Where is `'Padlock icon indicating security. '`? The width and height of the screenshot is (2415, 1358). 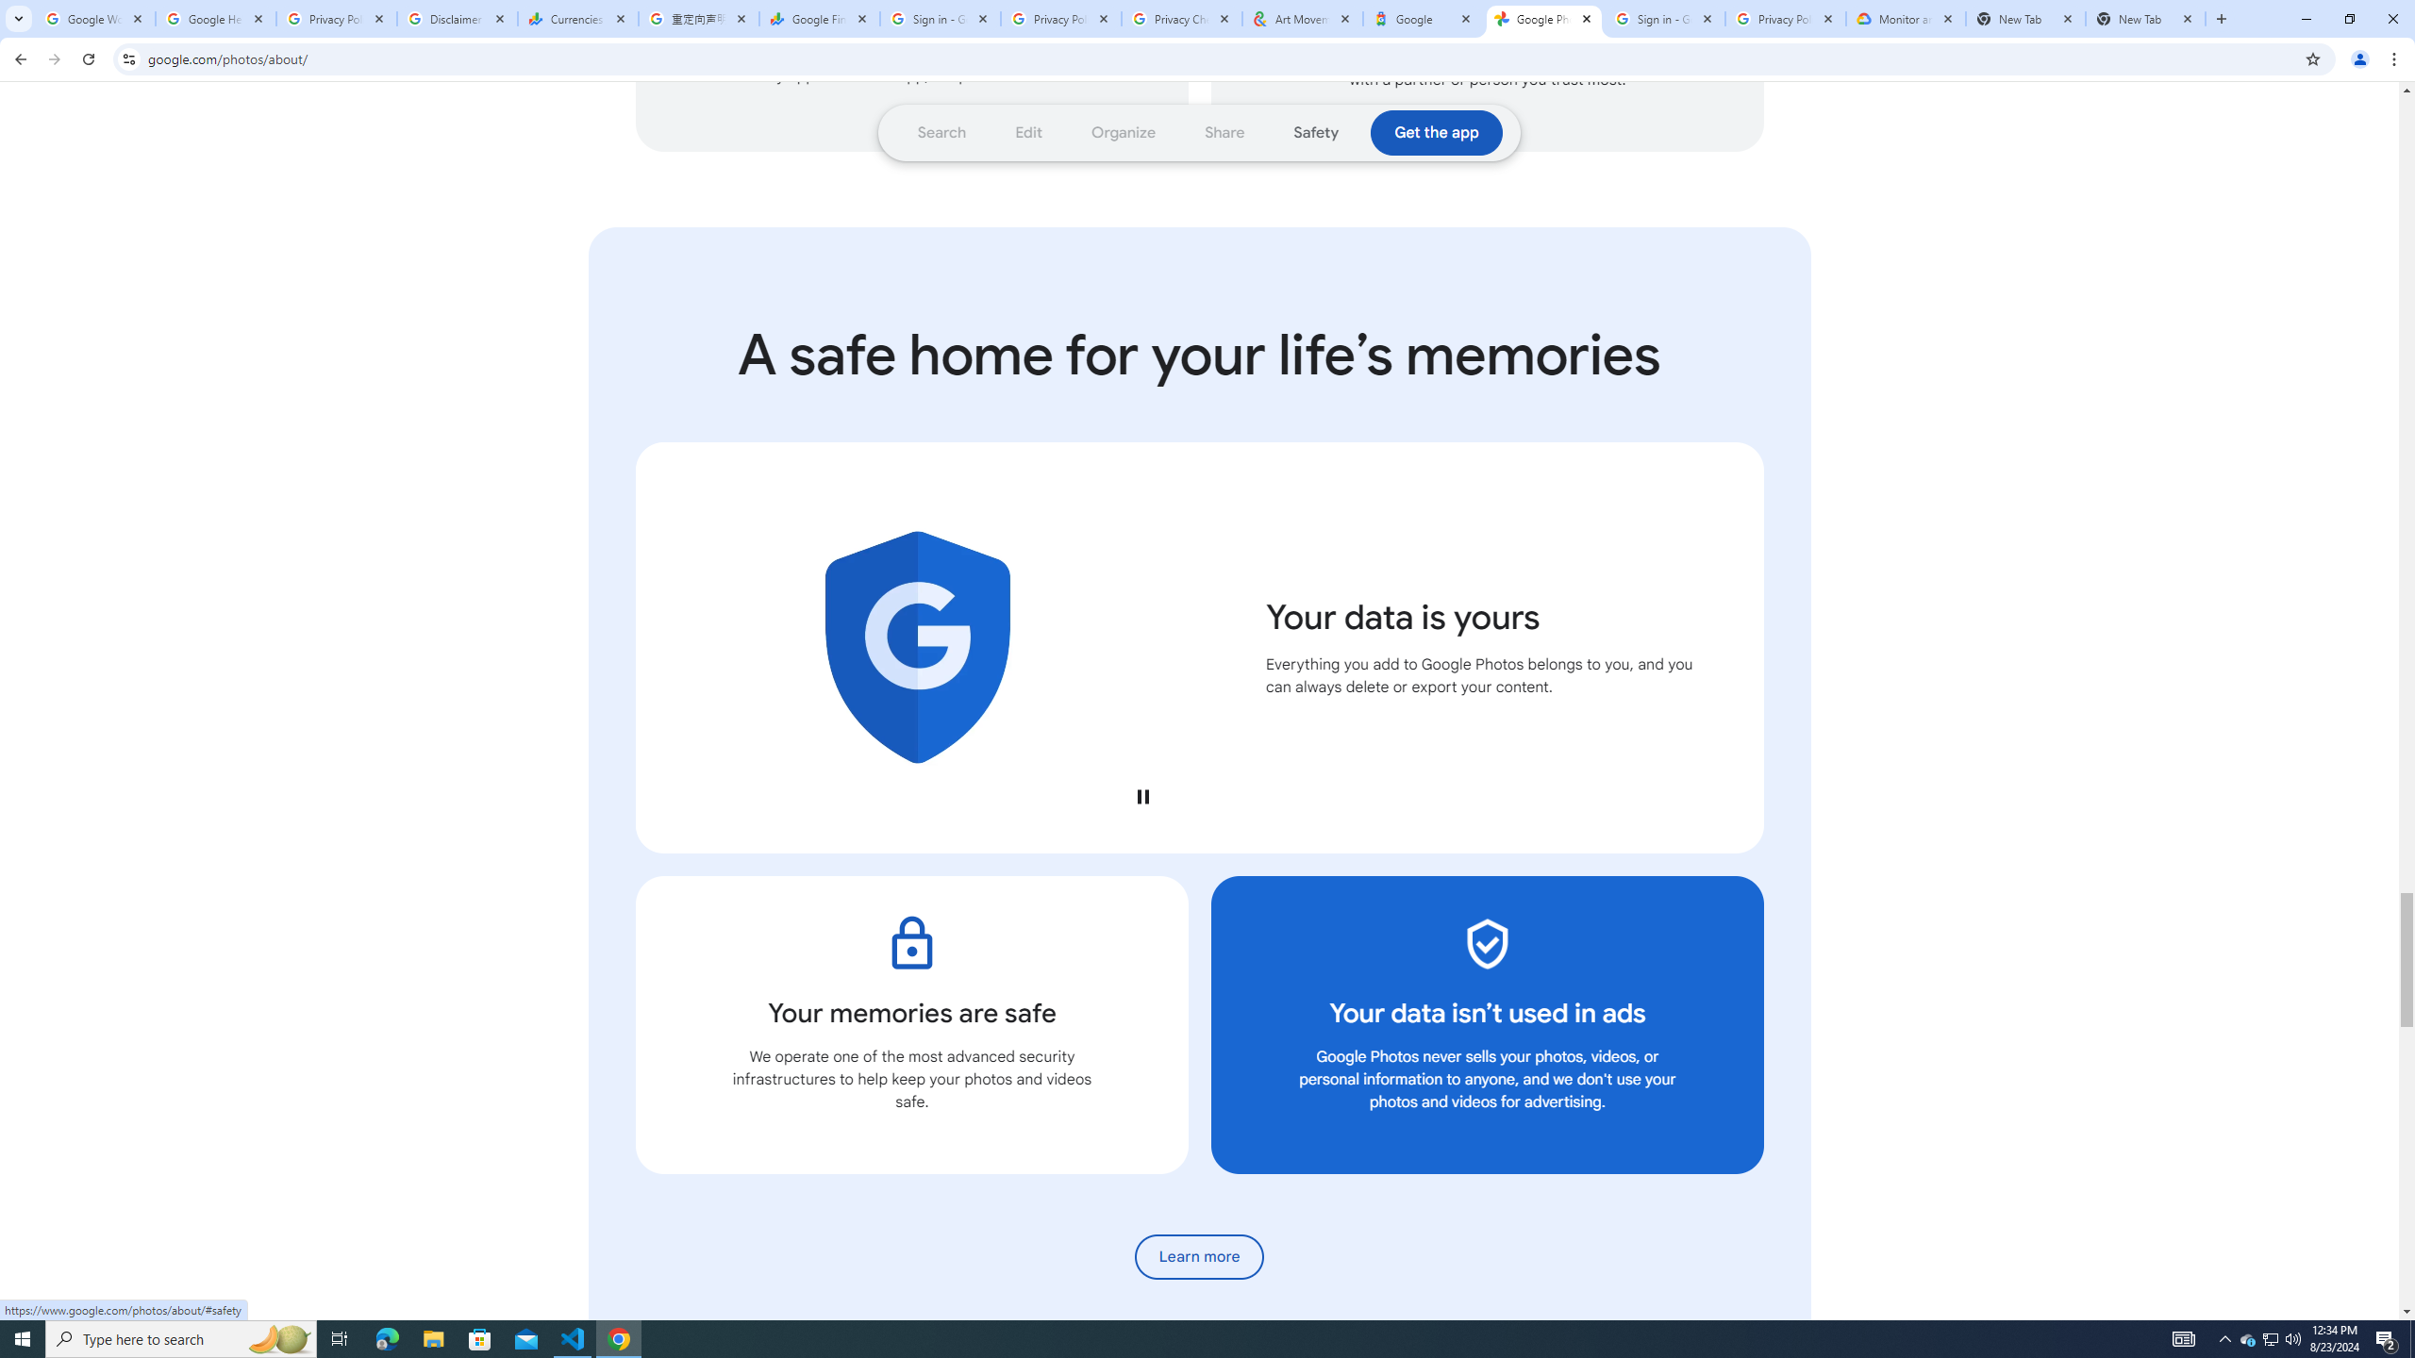 'Padlock icon indicating security. ' is located at coordinates (911, 942).